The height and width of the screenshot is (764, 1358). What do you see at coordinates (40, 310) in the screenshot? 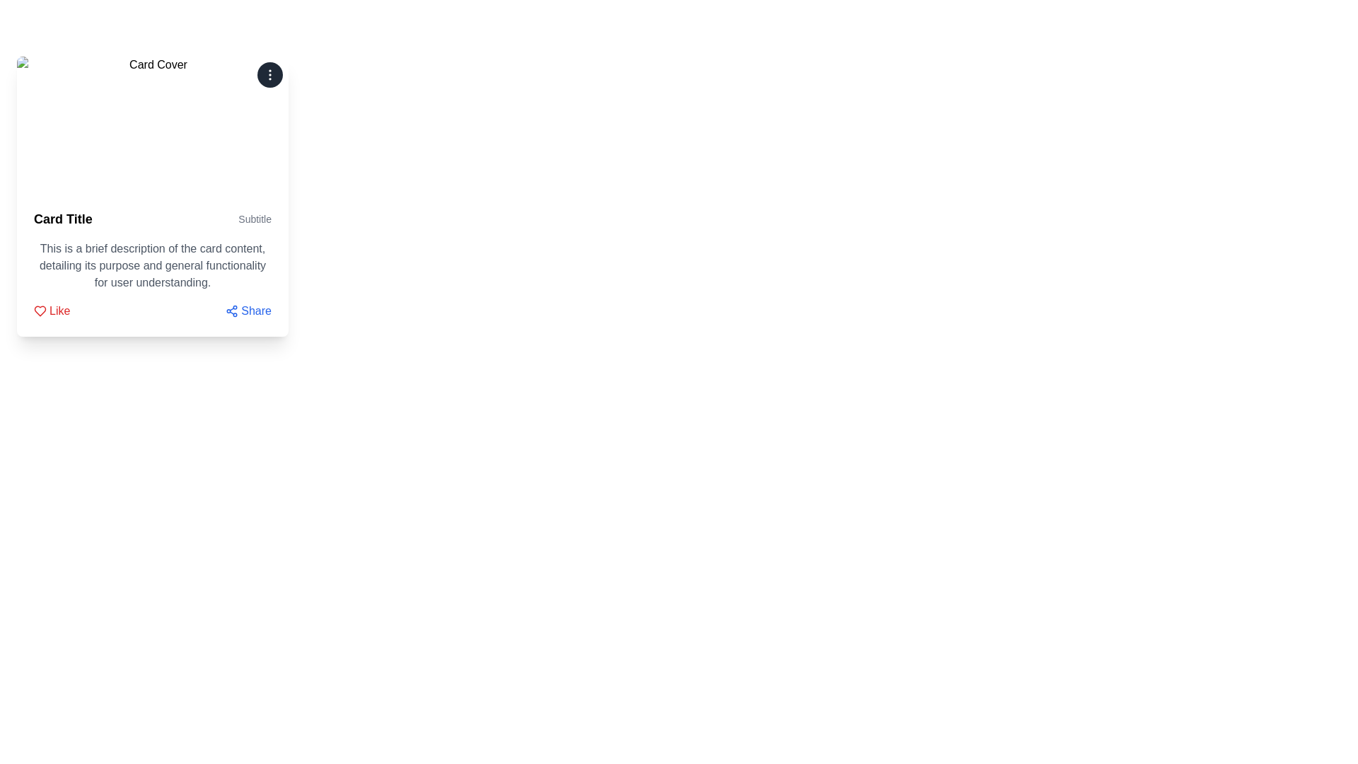
I see `the heart-shaped icon located in the bottom-left corner of the card layout` at bounding box center [40, 310].